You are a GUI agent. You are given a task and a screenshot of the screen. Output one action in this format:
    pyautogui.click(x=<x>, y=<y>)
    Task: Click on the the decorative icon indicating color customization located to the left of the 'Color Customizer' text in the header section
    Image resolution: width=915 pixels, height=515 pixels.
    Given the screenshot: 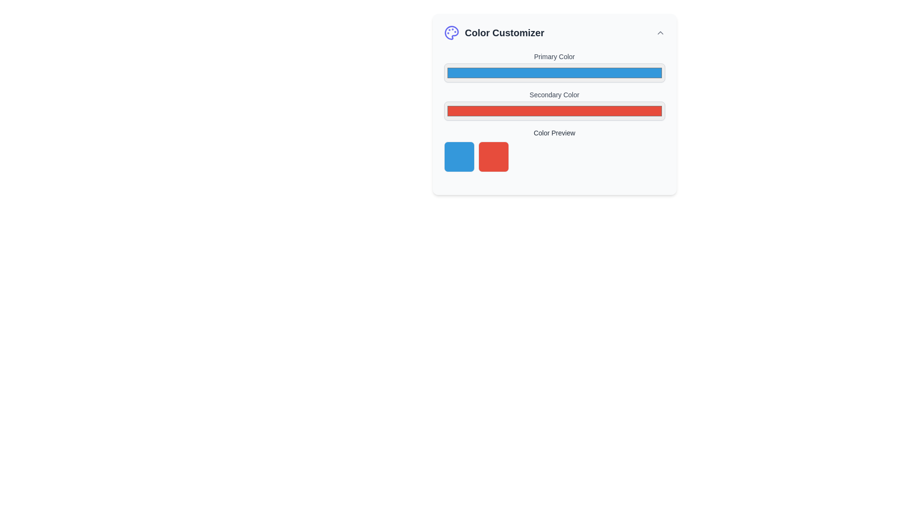 What is the action you would take?
    pyautogui.click(x=451, y=32)
    